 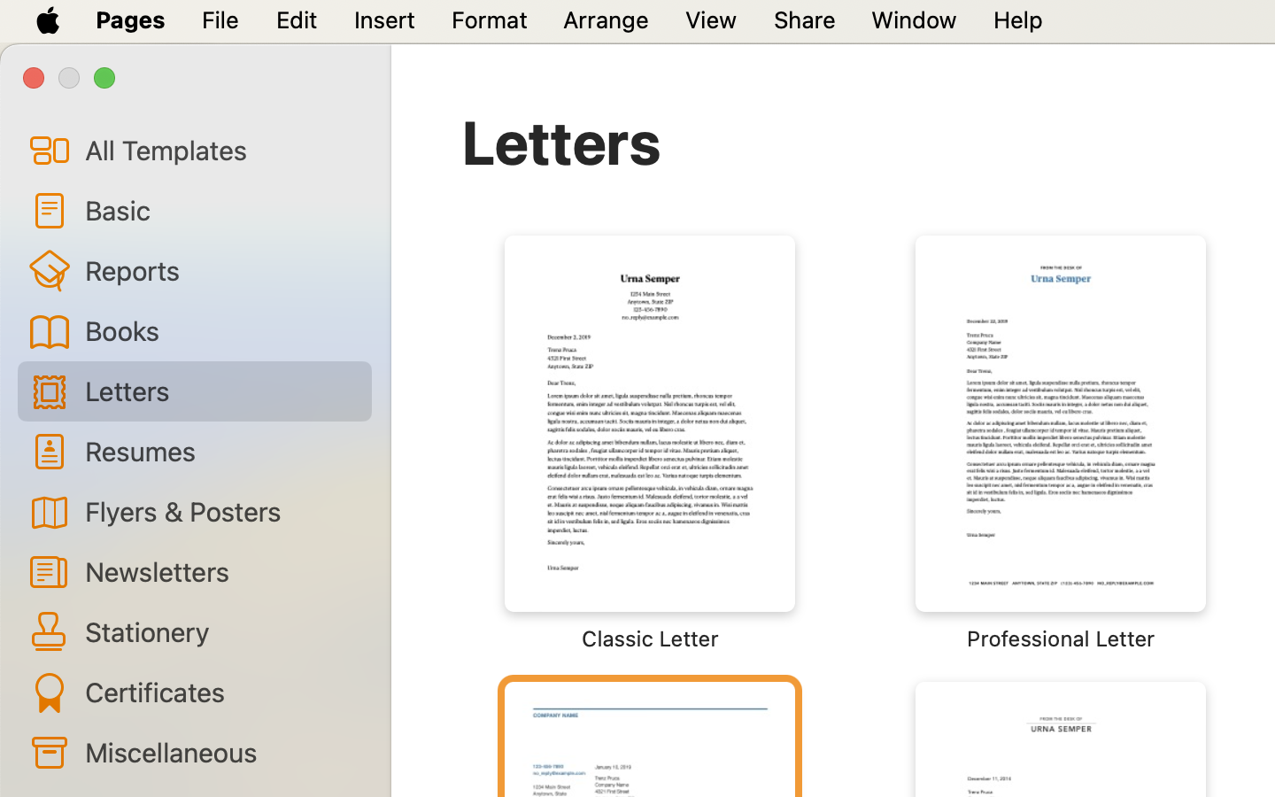 I want to click on 'Miscellaneous', so click(x=220, y=751).